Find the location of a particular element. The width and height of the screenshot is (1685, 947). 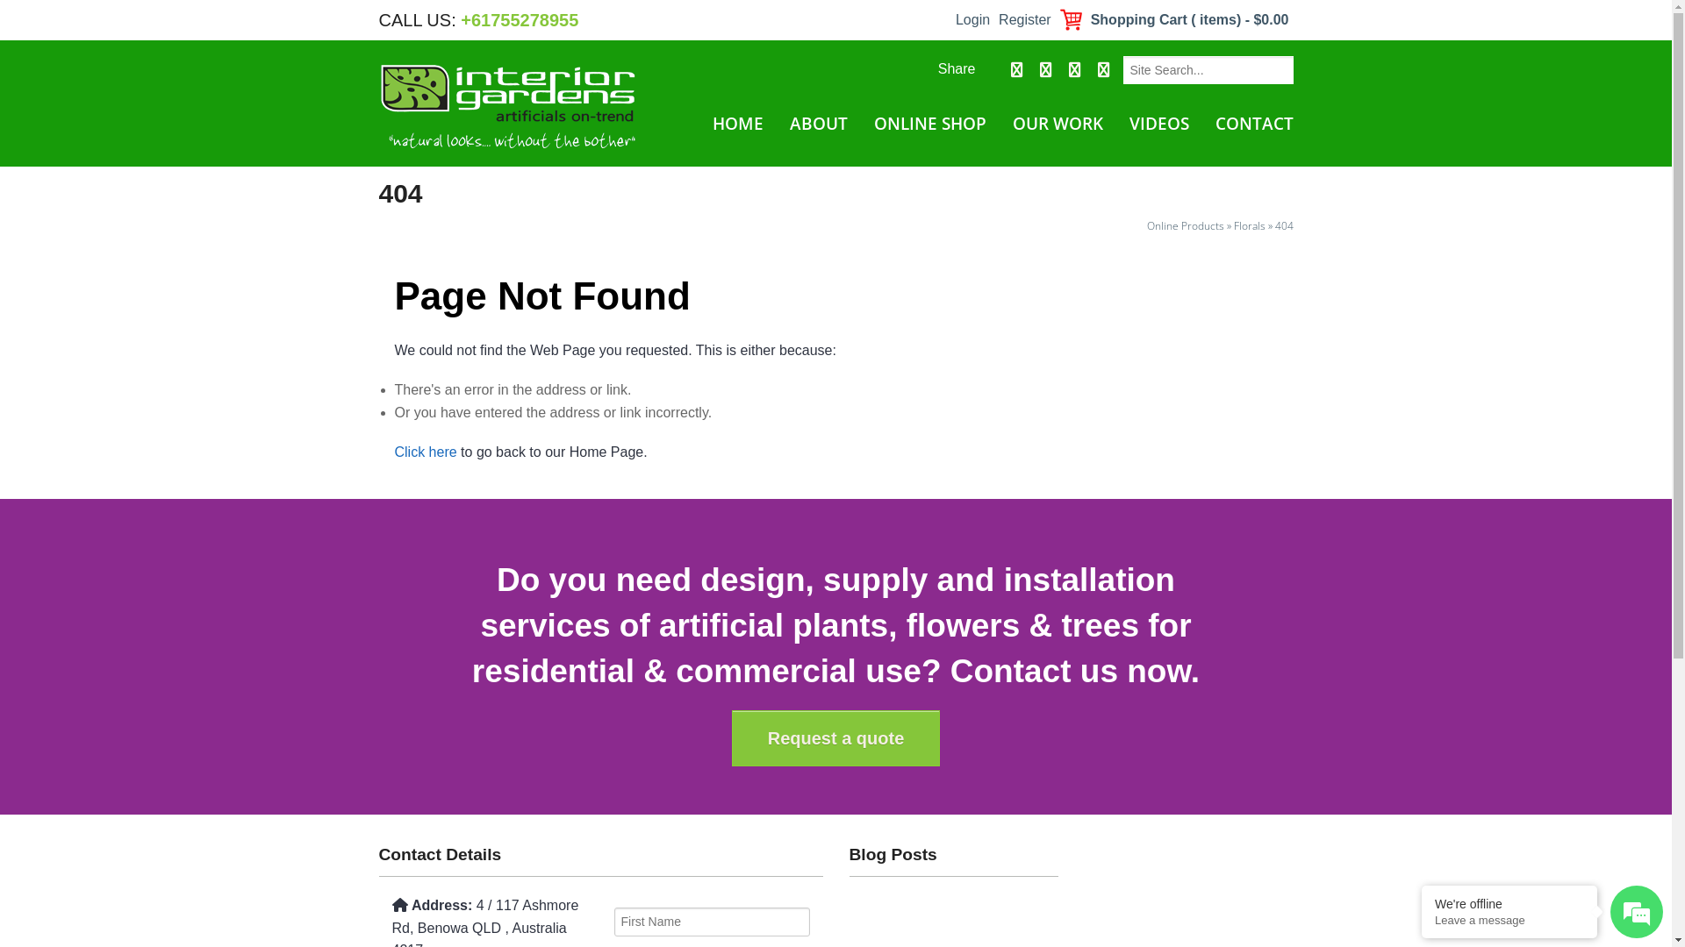

'Shopping Cart ( items) - $0.00' is located at coordinates (1174, 20).